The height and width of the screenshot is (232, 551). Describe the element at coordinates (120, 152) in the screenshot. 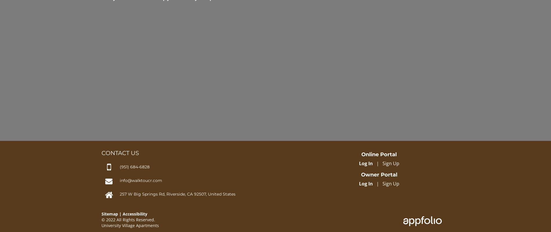

I see `'CONTACT US'` at that location.